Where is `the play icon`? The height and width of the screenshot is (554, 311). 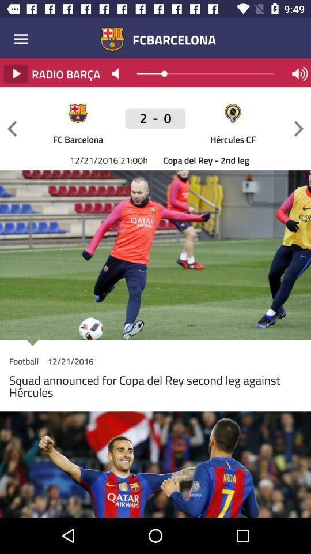 the play icon is located at coordinates (15, 73).